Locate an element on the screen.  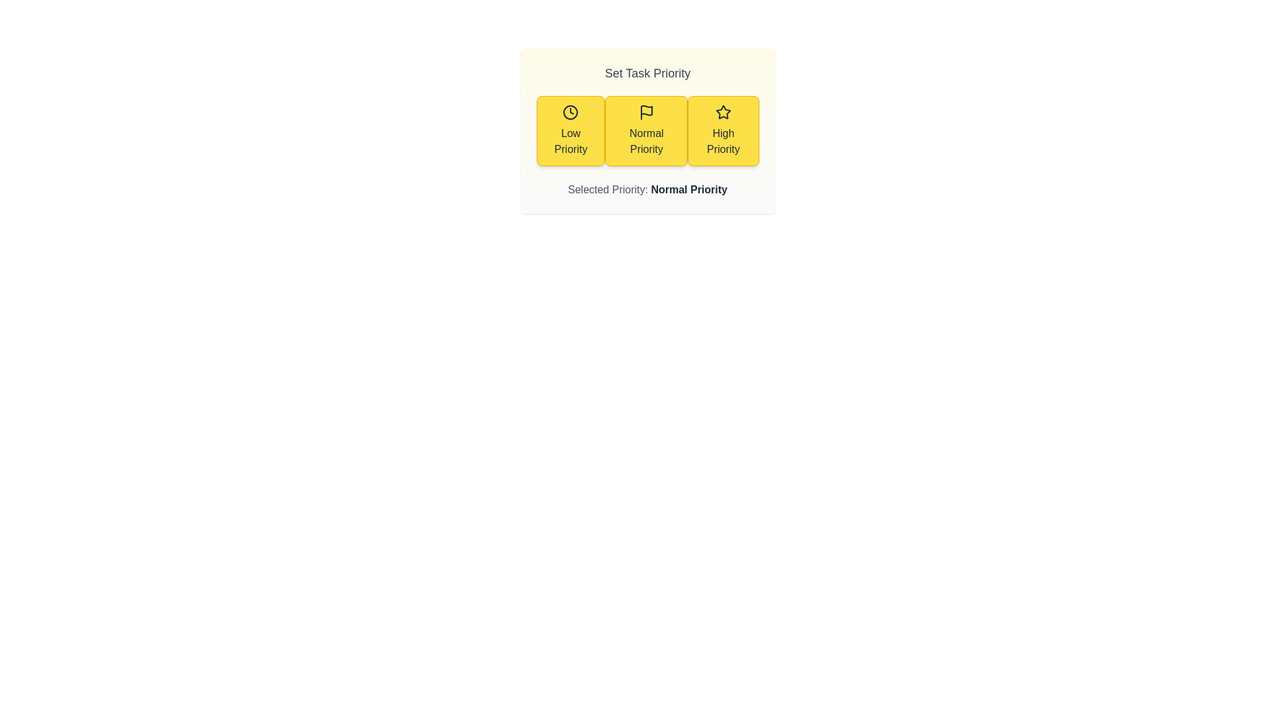
the priority level Normal Priority by clicking on the corresponding button is located at coordinates (647, 130).